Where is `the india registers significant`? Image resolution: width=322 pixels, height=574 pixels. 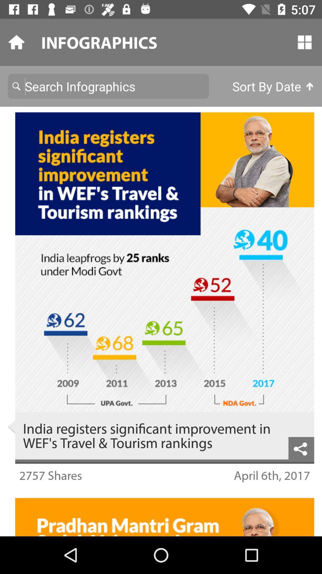 the india registers significant is located at coordinates (151, 436).